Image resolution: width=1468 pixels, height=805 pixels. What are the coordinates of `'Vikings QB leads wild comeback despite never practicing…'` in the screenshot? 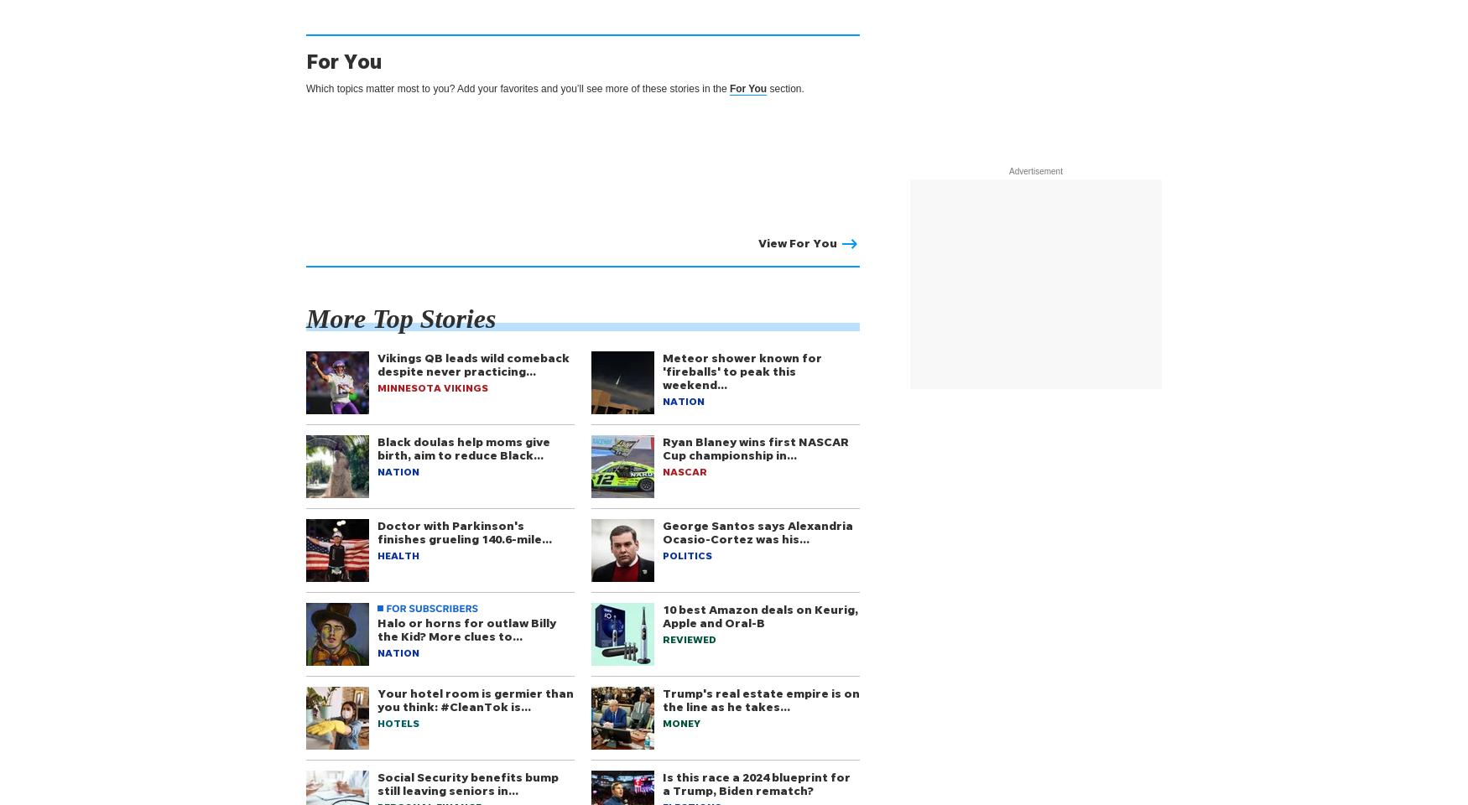 It's located at (473, 364).